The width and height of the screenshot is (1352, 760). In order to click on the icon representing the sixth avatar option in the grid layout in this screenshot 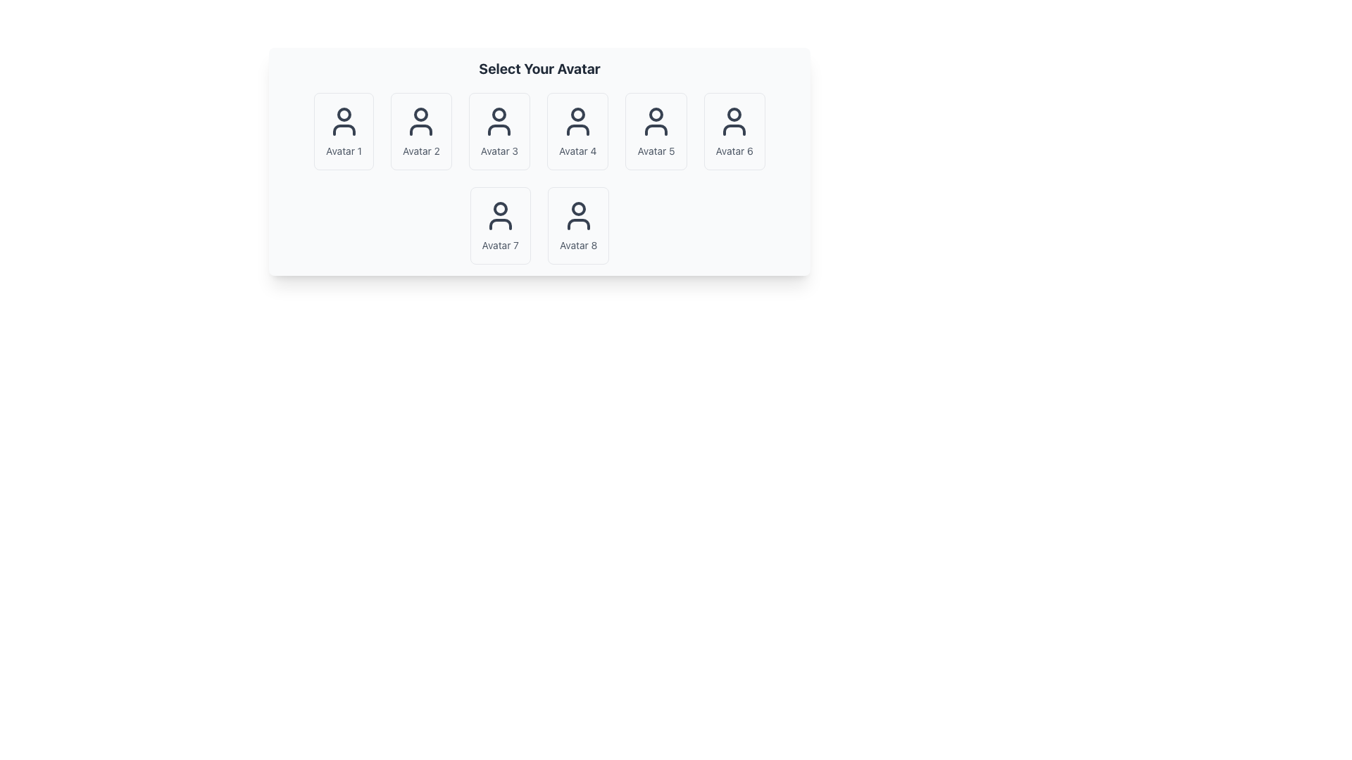, I will do `click(734, 121)`.